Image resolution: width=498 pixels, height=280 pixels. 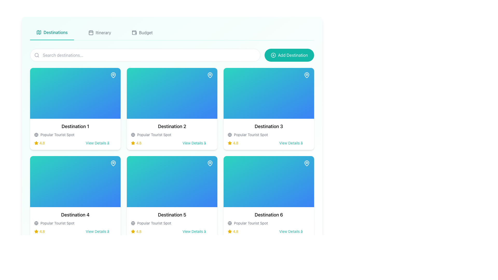 What do you see at coordinates (307, 75) in the screenshot?
I see `the icon located at the top-right corner of the 'Destination 3' card, which visually indicates a location on the map` at bounding box center [307, 75].